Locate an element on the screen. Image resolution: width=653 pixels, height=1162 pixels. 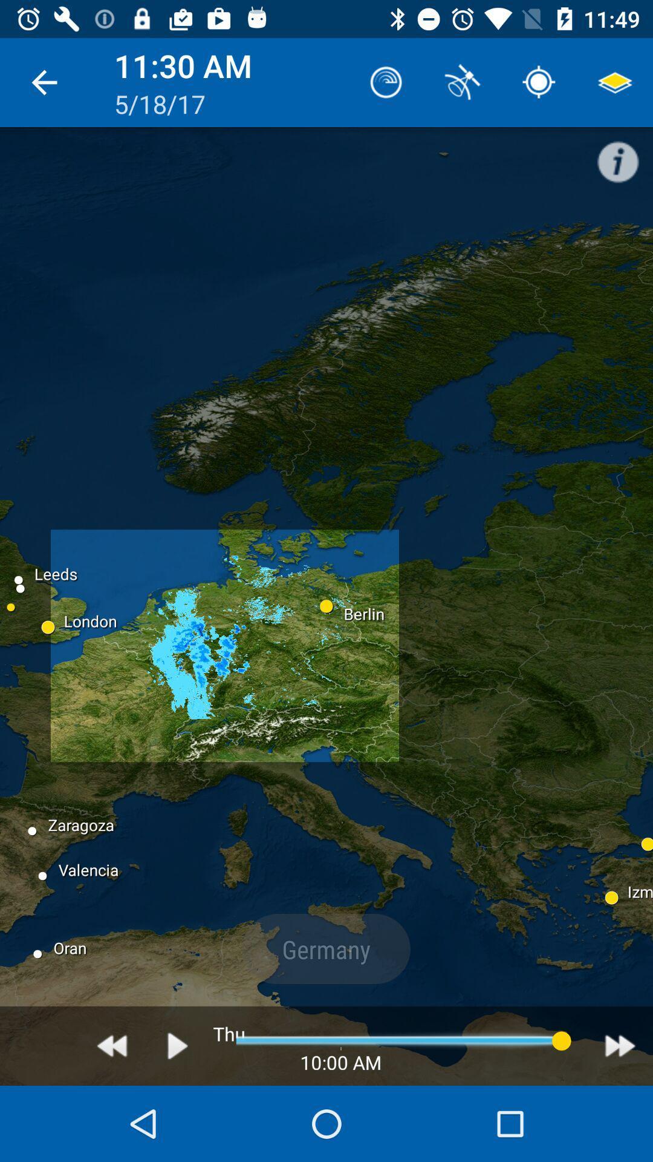
rewind or go back option is located at coordinates (112, 1045).